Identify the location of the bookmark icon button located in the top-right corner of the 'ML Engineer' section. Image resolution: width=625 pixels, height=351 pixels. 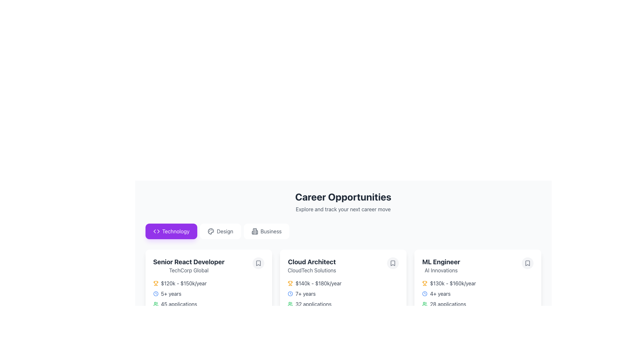
(527, 263).